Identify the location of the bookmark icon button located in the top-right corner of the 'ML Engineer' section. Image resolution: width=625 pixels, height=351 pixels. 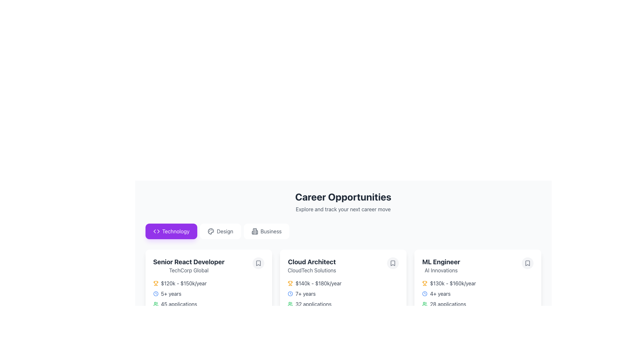
(527, 263).